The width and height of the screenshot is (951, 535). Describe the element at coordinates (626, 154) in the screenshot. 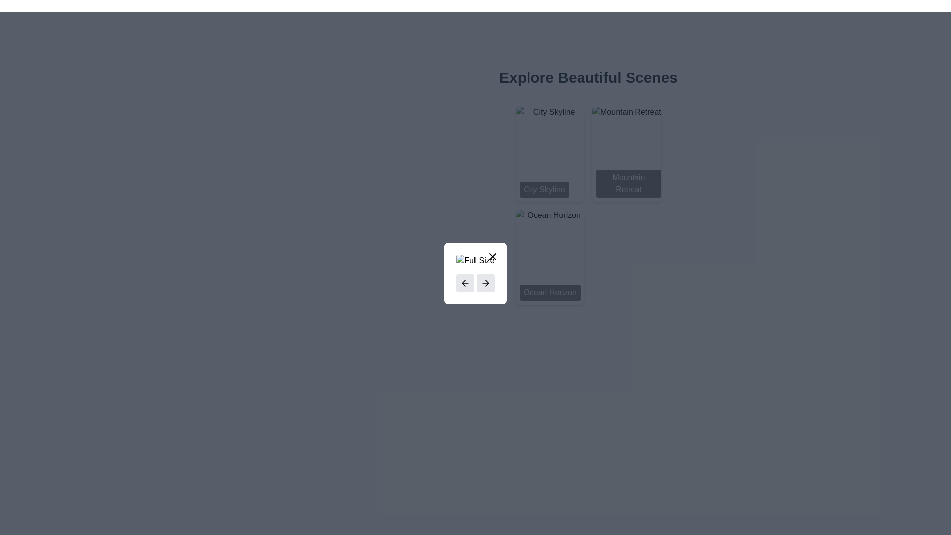

I see `the 'Mountain Retreat' card in the navigation UI` at that location.